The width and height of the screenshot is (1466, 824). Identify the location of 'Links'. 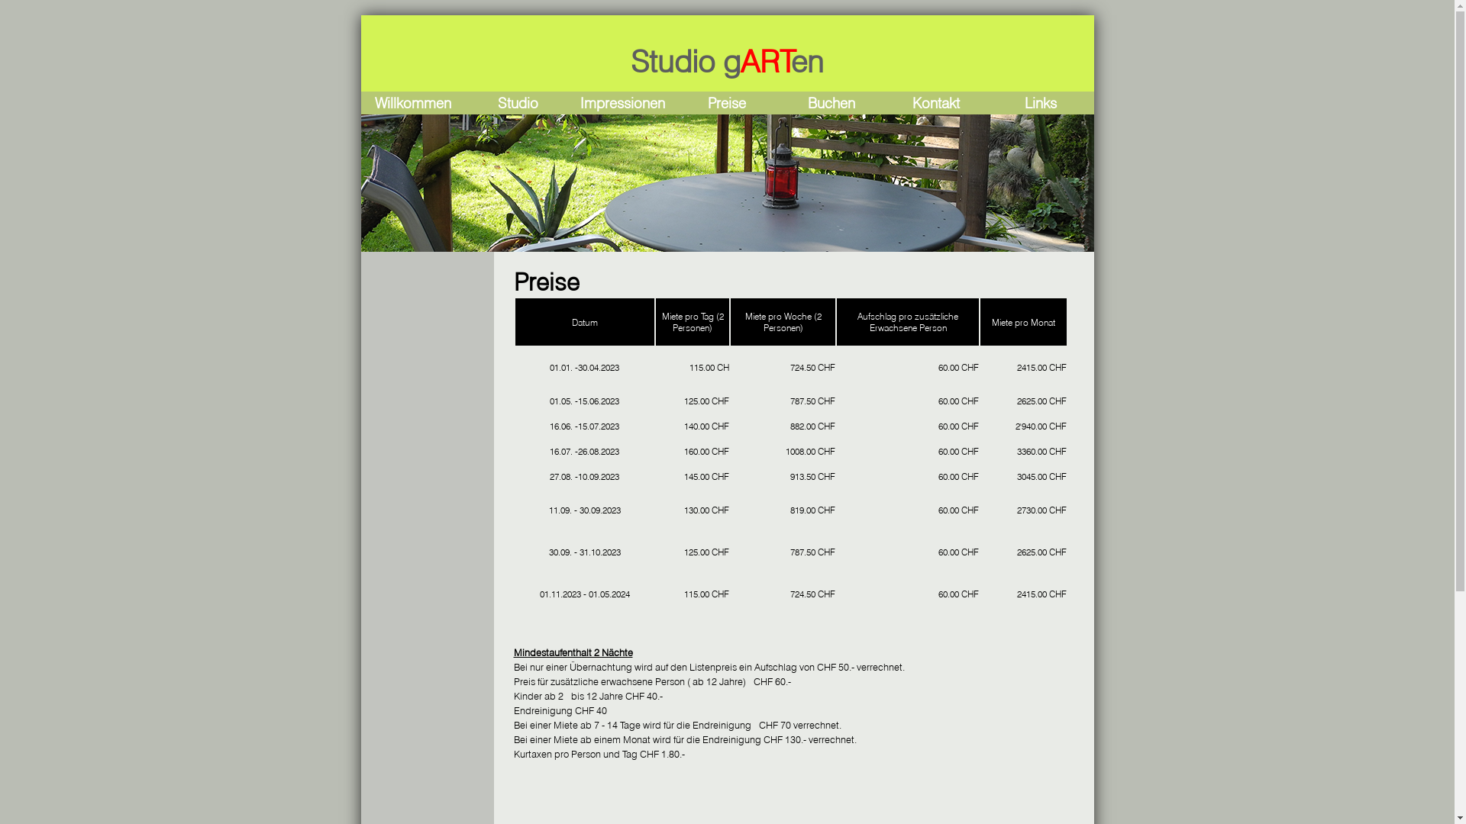
(1040, 103).